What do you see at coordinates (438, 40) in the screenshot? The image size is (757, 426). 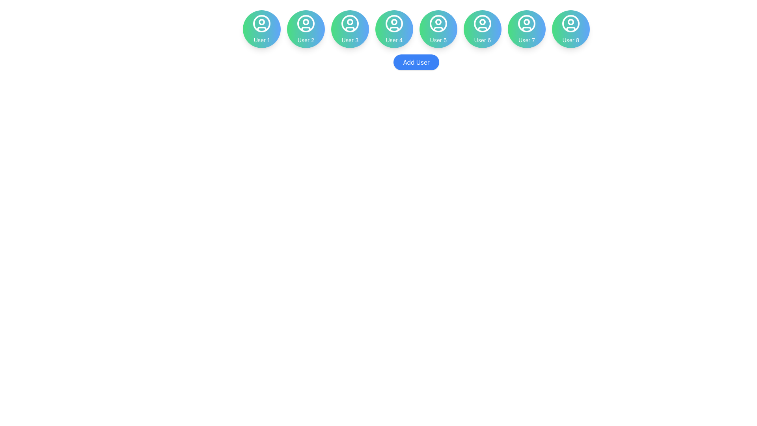 I see `text label that identifies the user, positioned beneath the user profile icon in the fifth circular component of a horizontal row` at bounding box center [438, 40].